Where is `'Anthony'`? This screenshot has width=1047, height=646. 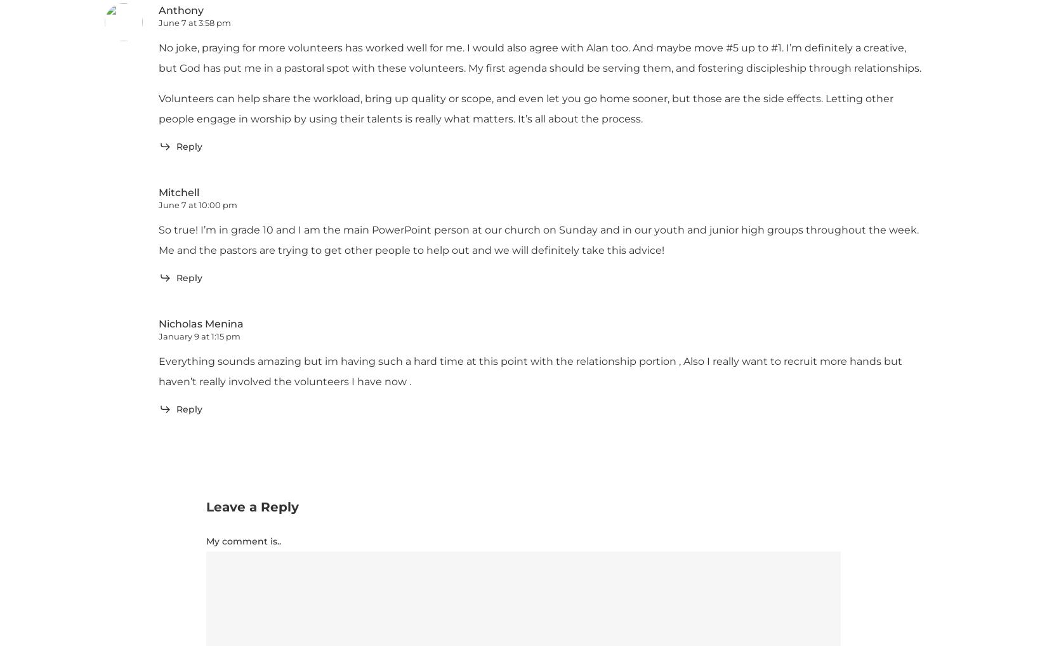
'Anthony' is located at coordinates (181, 10).